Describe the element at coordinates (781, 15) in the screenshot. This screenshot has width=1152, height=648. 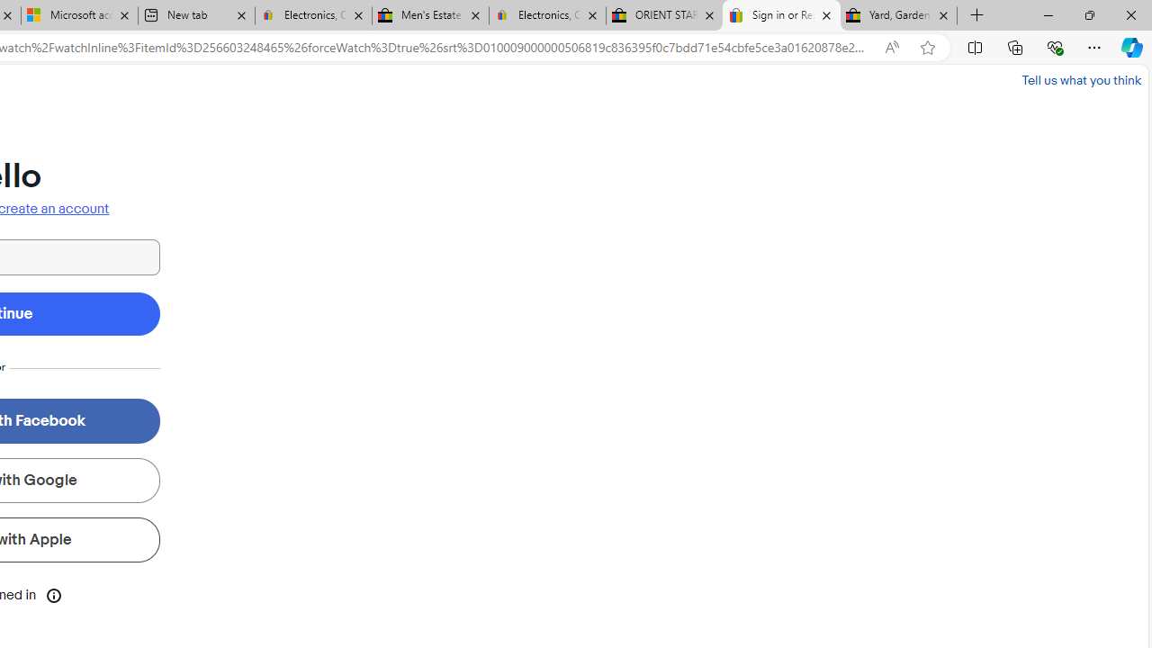
I see `'Sign in or Register | eBay'` at that location.